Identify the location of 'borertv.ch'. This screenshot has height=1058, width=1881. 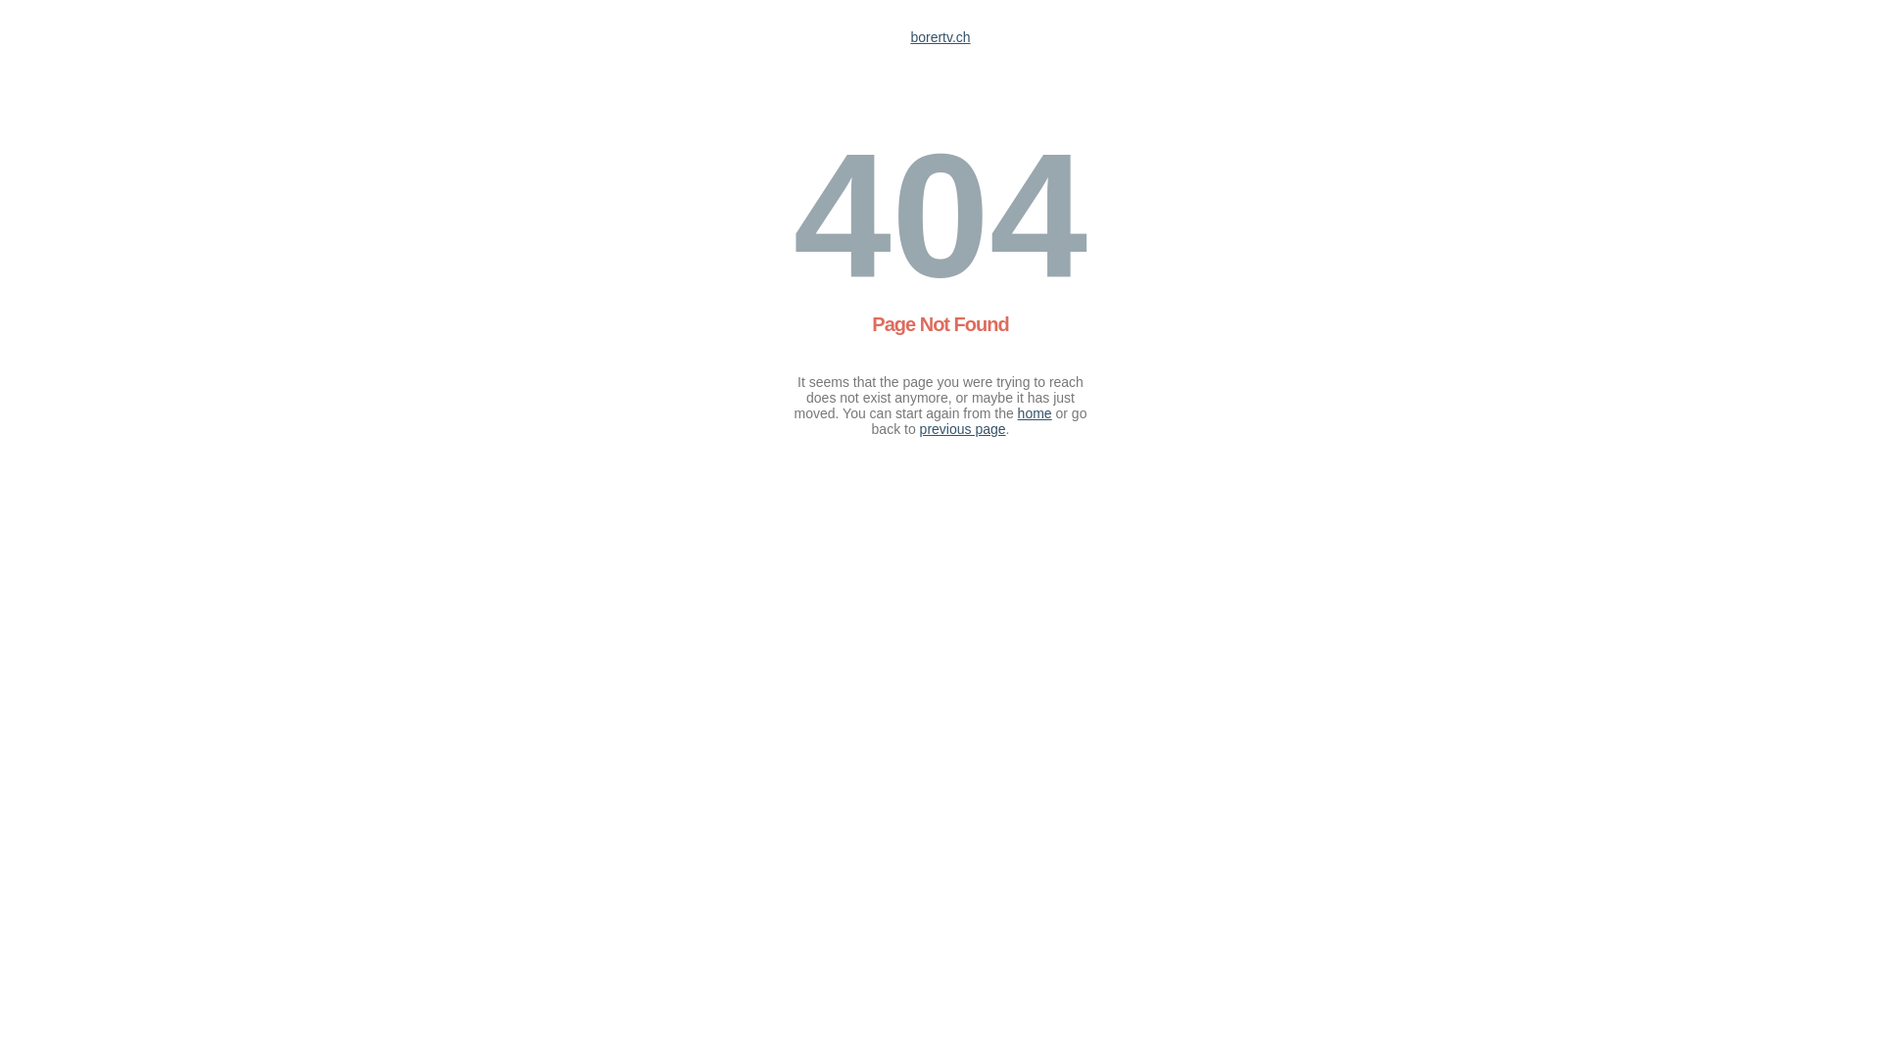
(939, 37).